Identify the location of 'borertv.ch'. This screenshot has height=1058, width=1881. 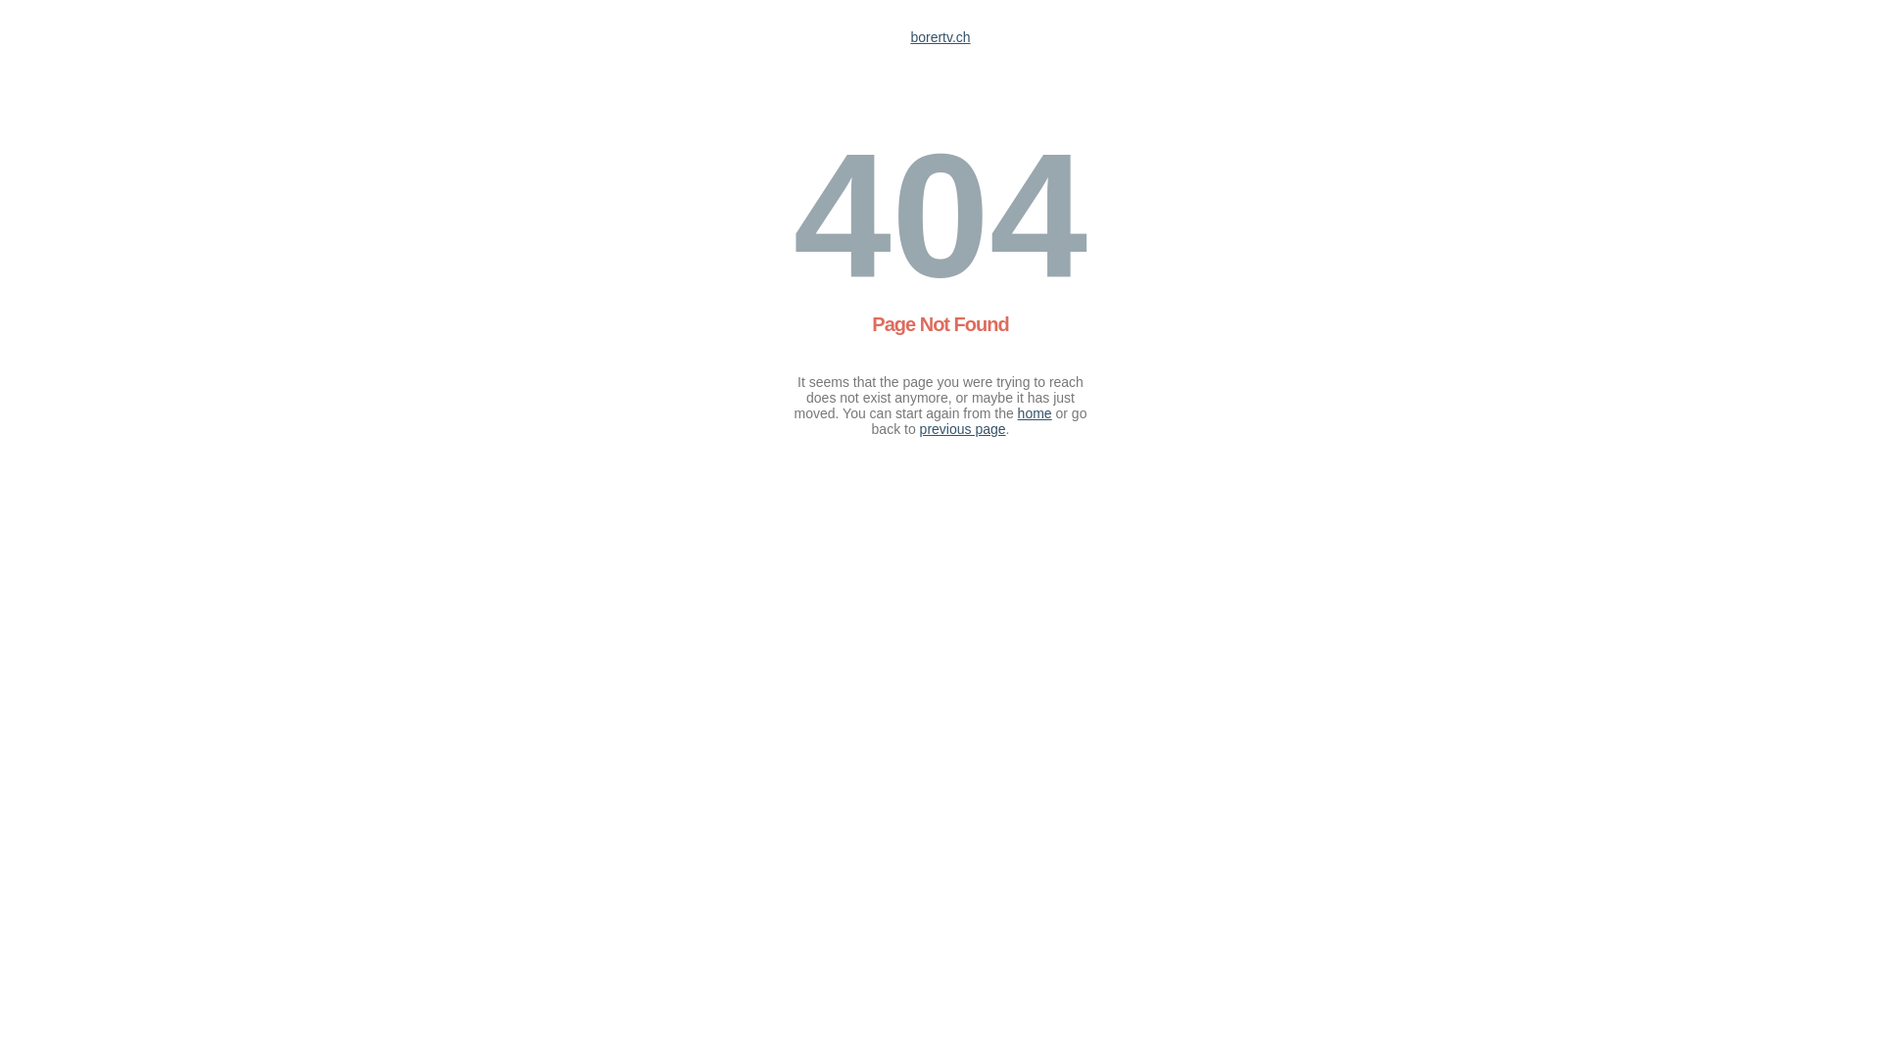
(939, 37).